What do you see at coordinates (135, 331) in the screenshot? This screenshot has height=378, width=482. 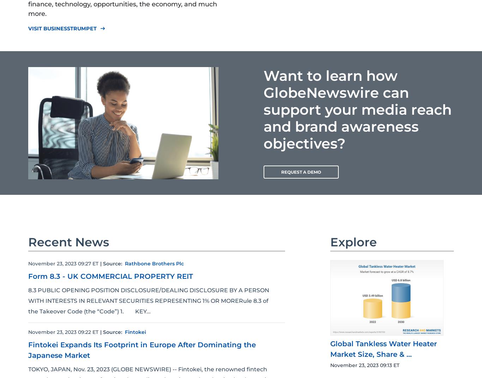 I see `'Fintokei'` at bounding box center [135, 331].